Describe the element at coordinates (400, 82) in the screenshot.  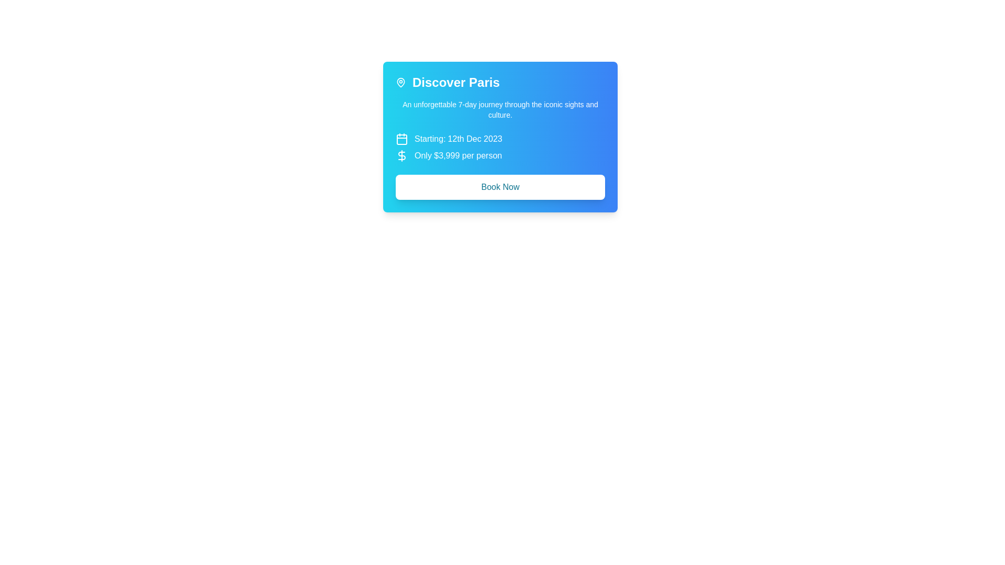
I see `the location icon that symbolizes a destination, positioned to the left of the 'Discover Paris' text` at that location.